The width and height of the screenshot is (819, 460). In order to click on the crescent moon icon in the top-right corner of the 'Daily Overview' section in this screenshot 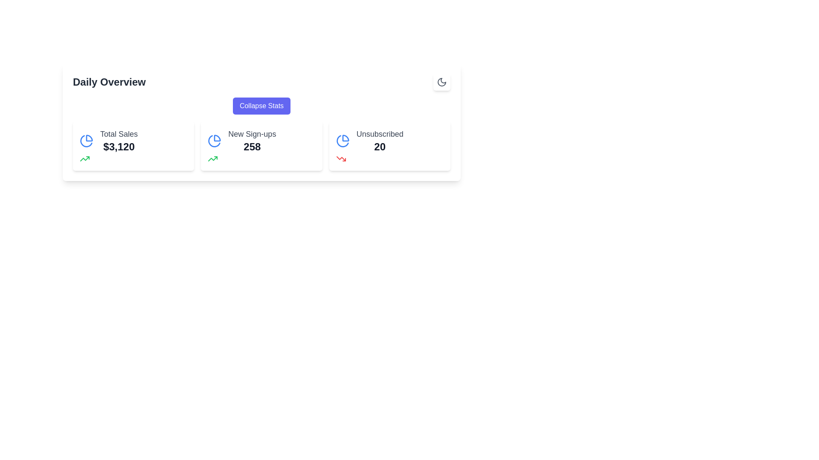, I will do `click(442, 82)`.